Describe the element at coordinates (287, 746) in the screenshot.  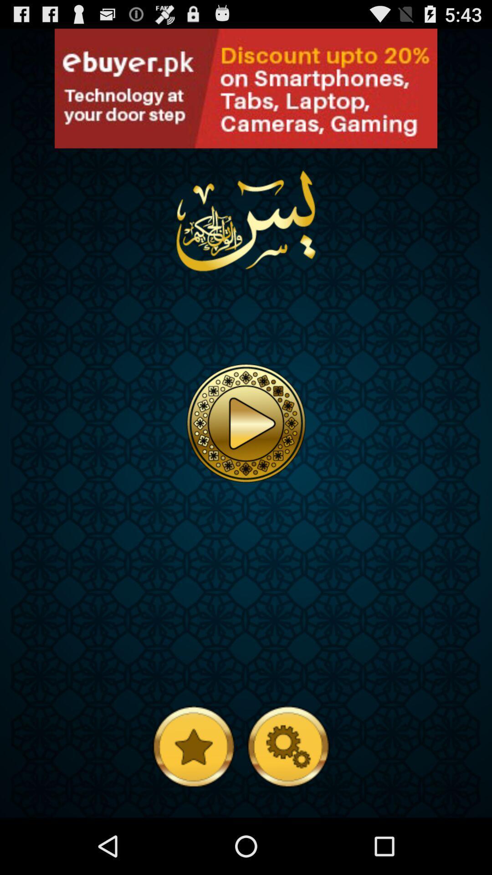
I see `config` at that location.